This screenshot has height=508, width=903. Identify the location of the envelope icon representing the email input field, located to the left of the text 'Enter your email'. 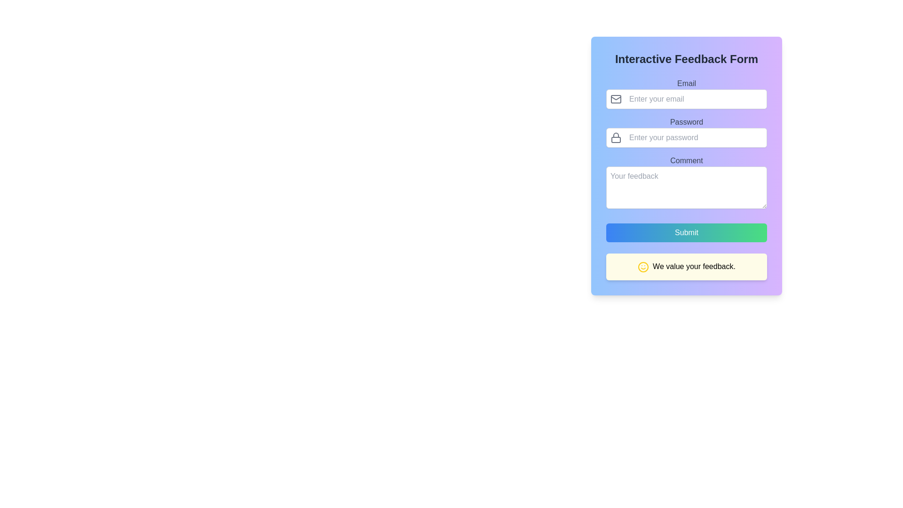
(616, 99).